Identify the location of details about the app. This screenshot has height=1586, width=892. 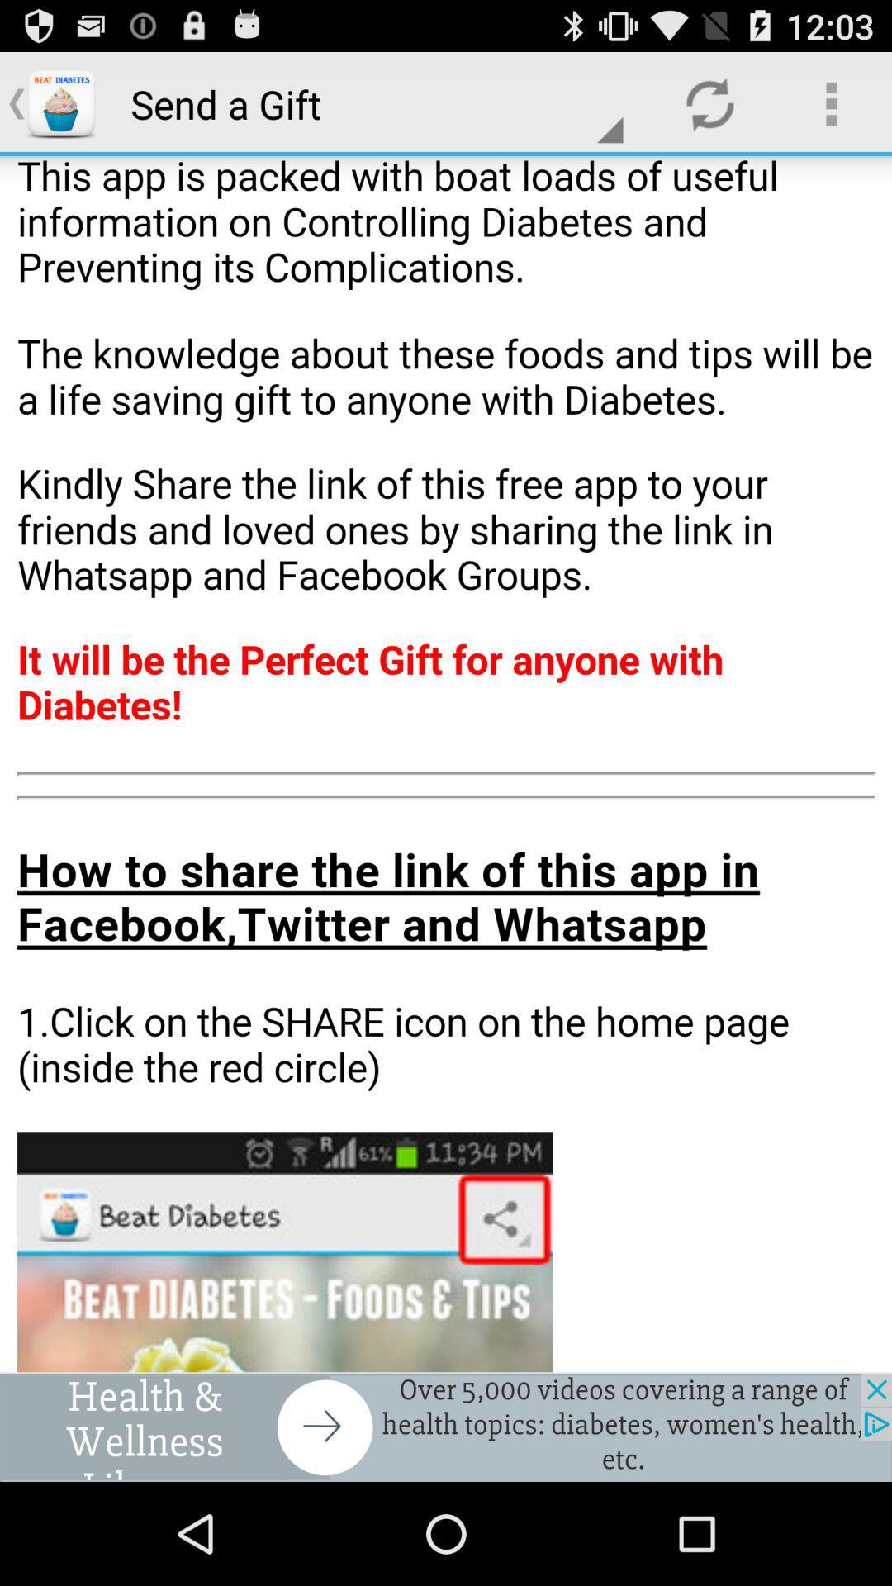
(446, 763).